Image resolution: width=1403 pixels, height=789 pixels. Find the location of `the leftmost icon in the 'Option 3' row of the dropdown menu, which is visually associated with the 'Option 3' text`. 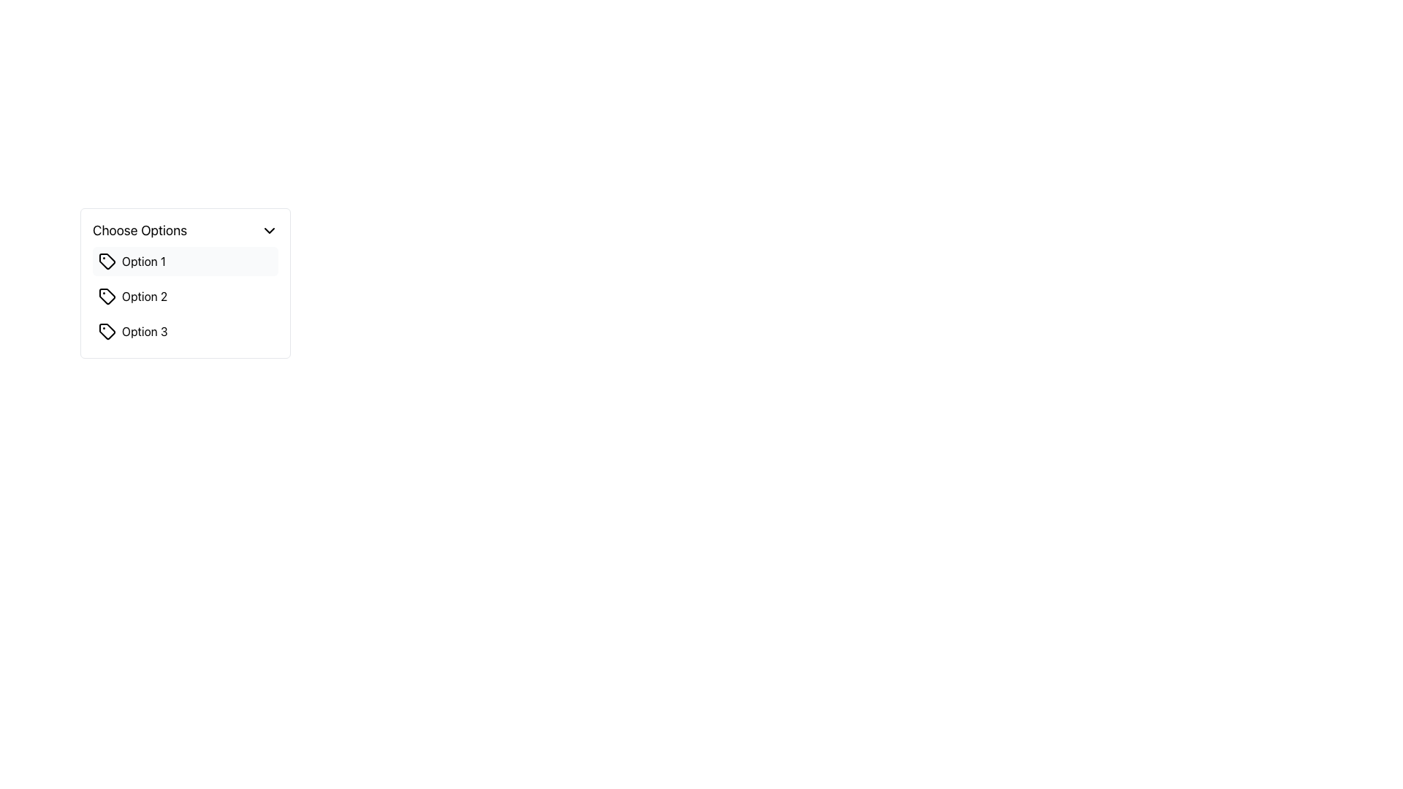

the leftmost icon in the 'Option 3' row of the dropdown menu, which is visually associated with the 'Option 3' text is located at coordinates (107, 332).